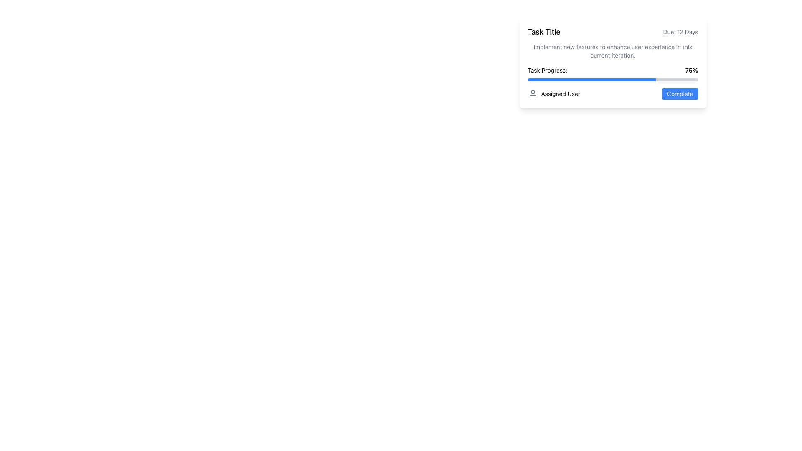 The image size is (802, 451). Describe the element at coordinates (554, 94) in the screenshot. I see `the Text Label with Icon located in the lower-left section of the card, which indicates the entity responsible for the task, beside the blue button labeled 'Complete'` at that location.